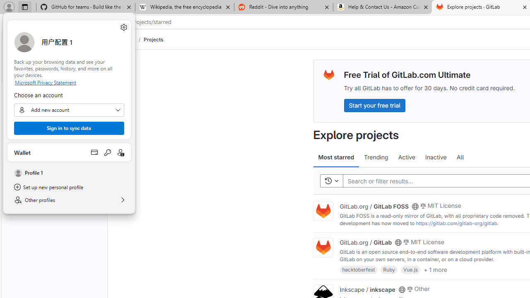 Image resolution: width=530 pixels, height=298 pixels. What do you see at coordinates (69, 110) in the screenshot?
I see `'Choose an account'` at bounding box center [69, 110].